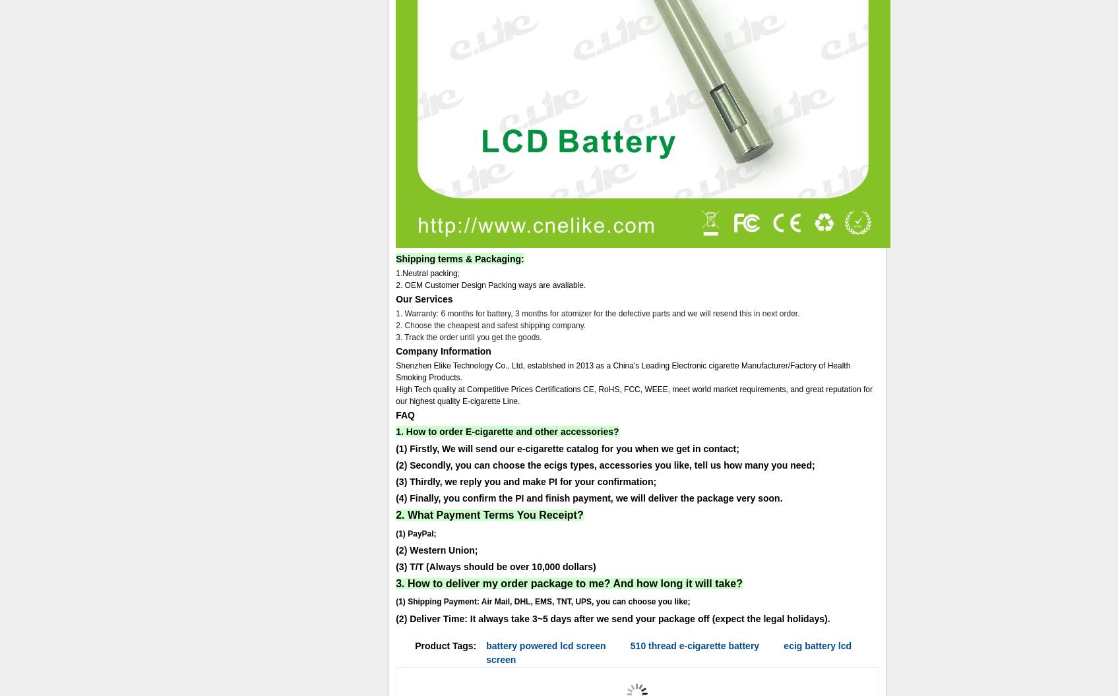  What do you see at coordinates (459, 257) in the screenshot?
I see `'Shipping terms & Packaging:'` at bounding box center [459, 257].